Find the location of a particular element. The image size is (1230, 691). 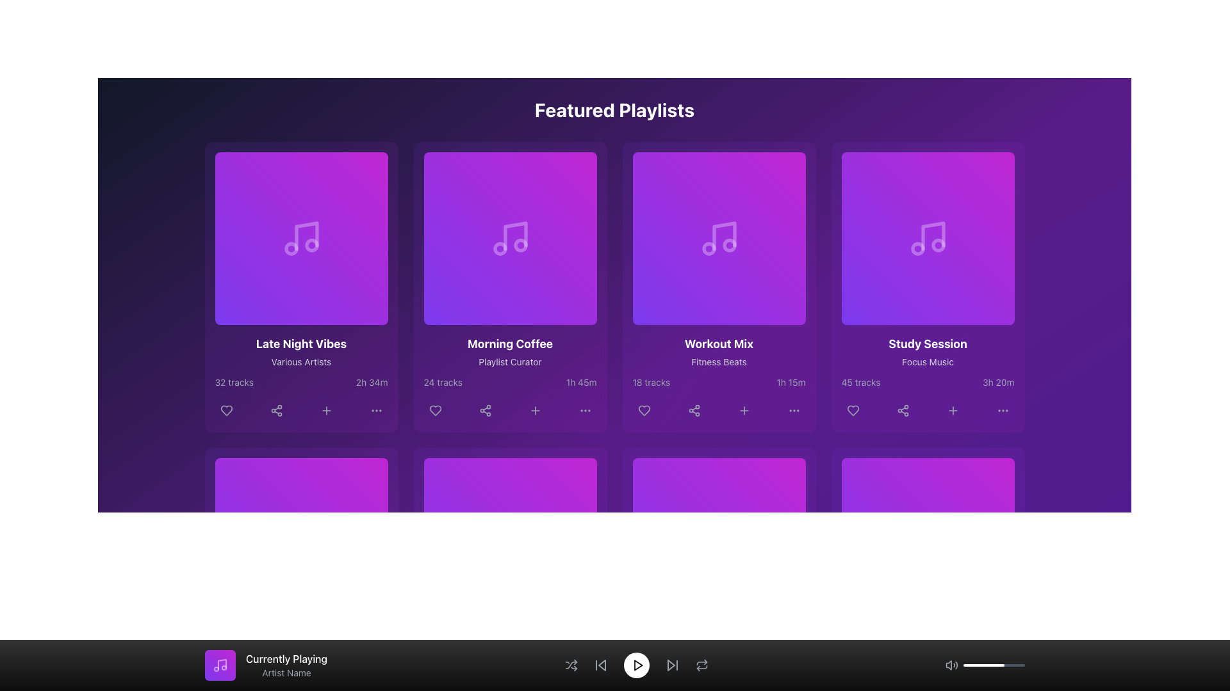

the vector graphic component located on the right side of the music icon within the Study Session playlist card, situated in the second row and fourth column of the grid is located at coordinates (938, 245).